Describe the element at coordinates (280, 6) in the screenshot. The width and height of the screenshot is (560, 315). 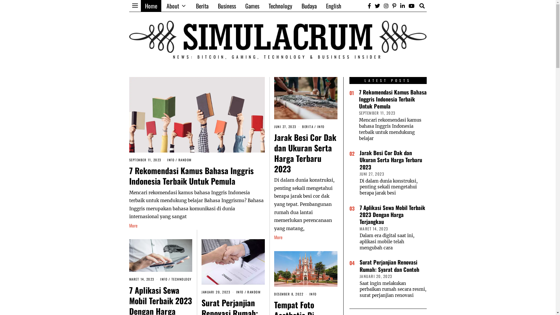
I see `'Technology'` at that location.